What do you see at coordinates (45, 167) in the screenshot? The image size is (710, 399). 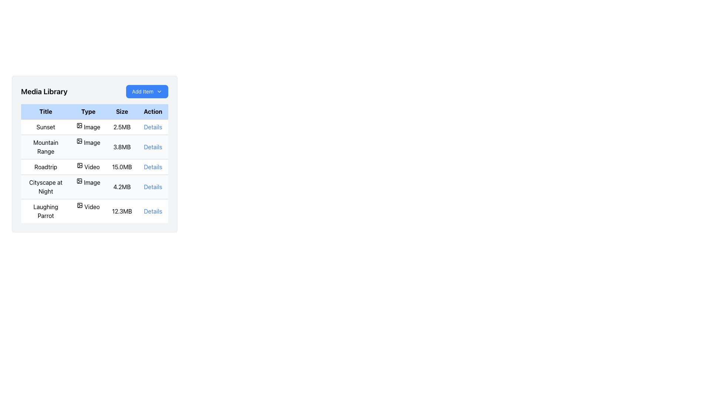 I see `the text label indicating the title of a media file in the third row of the table under the 'Title' column` at bounding box center [45, 167].